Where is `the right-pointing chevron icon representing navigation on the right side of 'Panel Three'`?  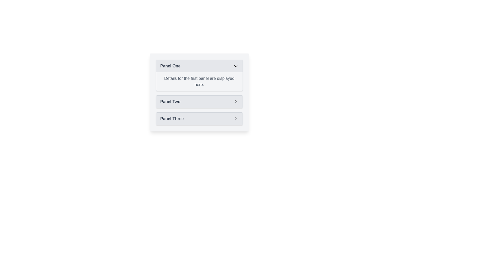
the right-pointing chevron icon representing navigation on the right side of 'Panel Three' is located at coordinates (235, 119).